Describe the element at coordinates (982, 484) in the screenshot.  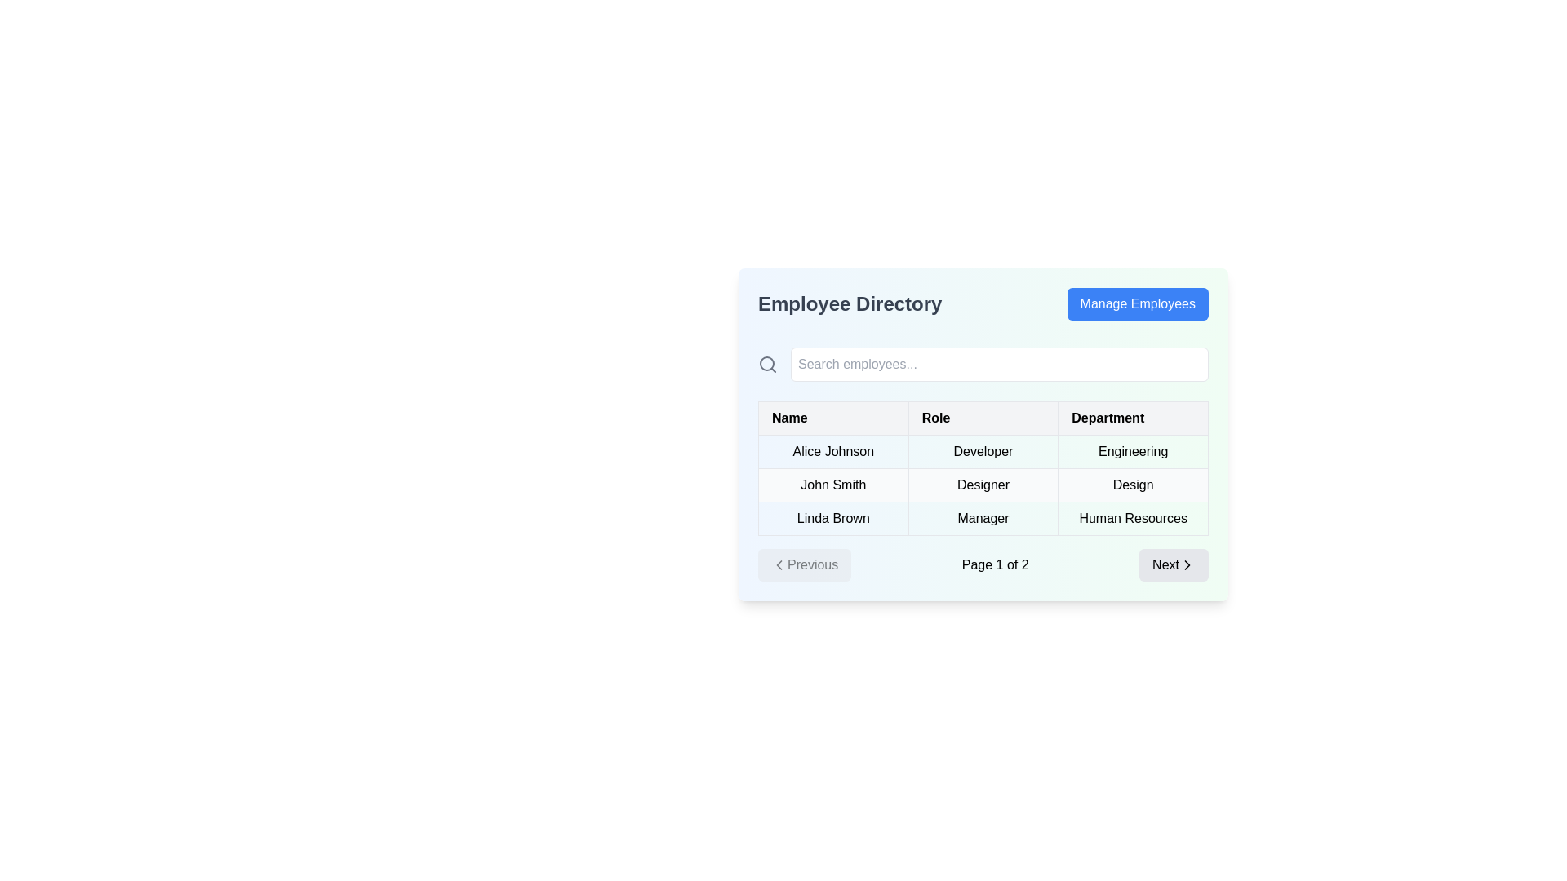
I see `the cells of the employee directory table` at that location.